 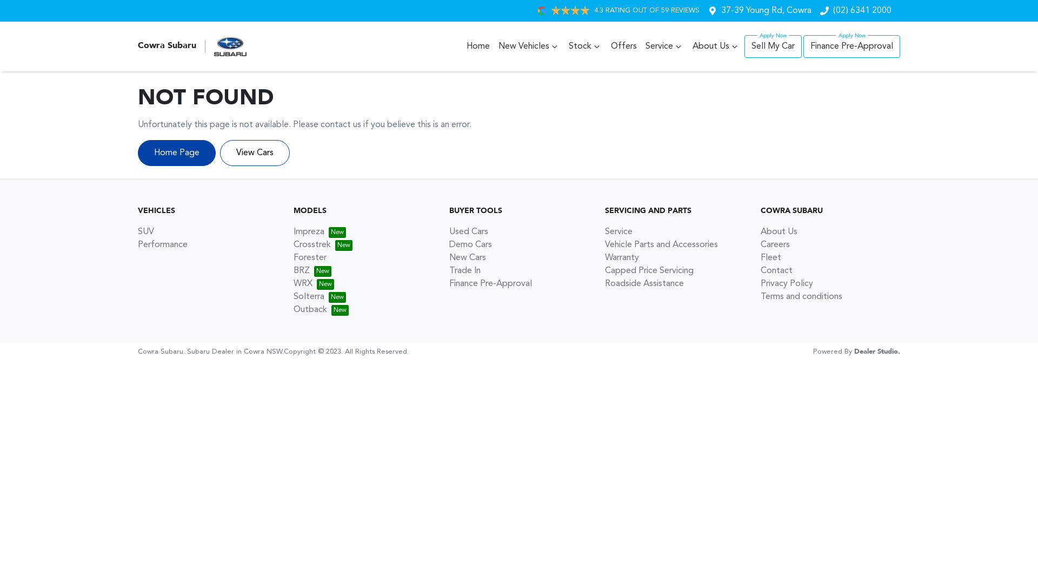 What do you see at coordinates (529, 45) in the screenshot?
I see `'New Vehicles'` at bounding box center [529, 45].